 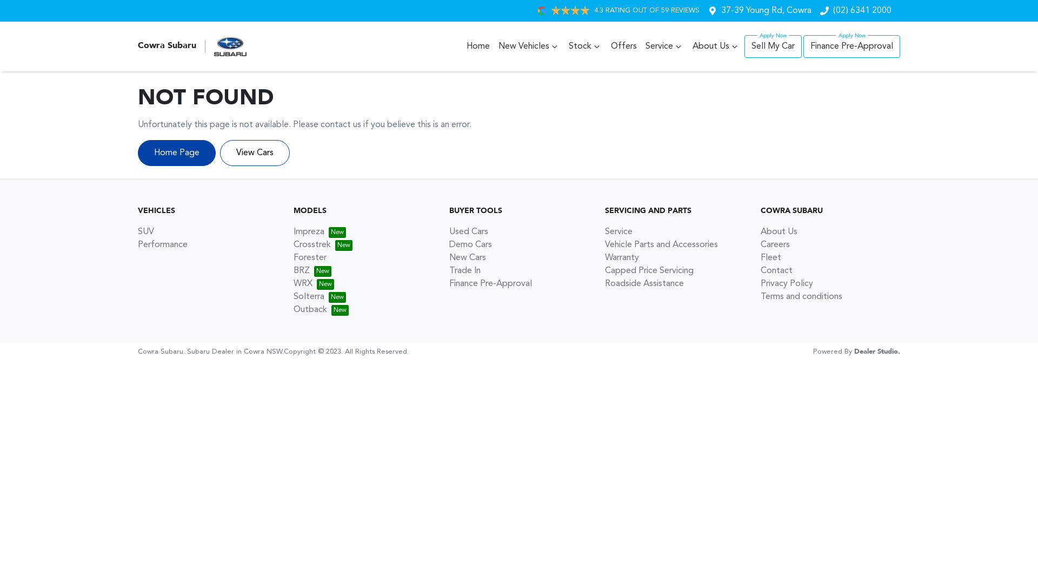 What do you see at coordinates (529, 45) in the screenshot?
I see `'New Vehicles'` at bounding box center [529, 45].